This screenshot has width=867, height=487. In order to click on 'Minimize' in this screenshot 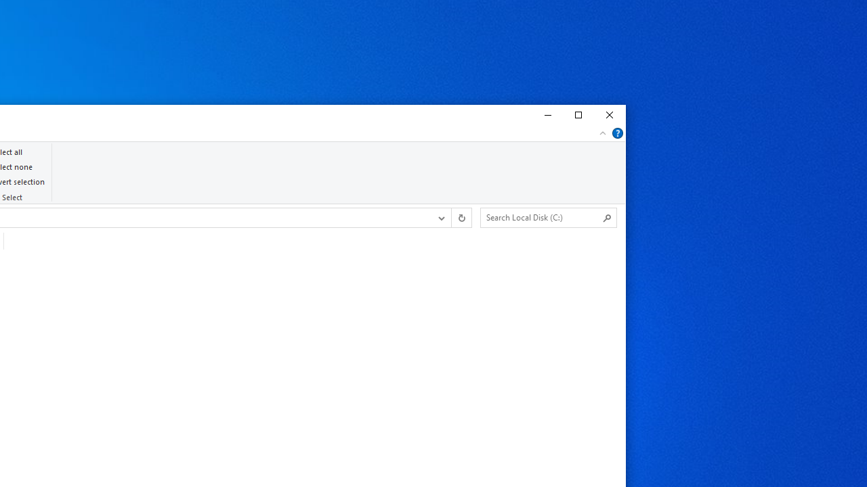, I will do `click(547, 115)`.